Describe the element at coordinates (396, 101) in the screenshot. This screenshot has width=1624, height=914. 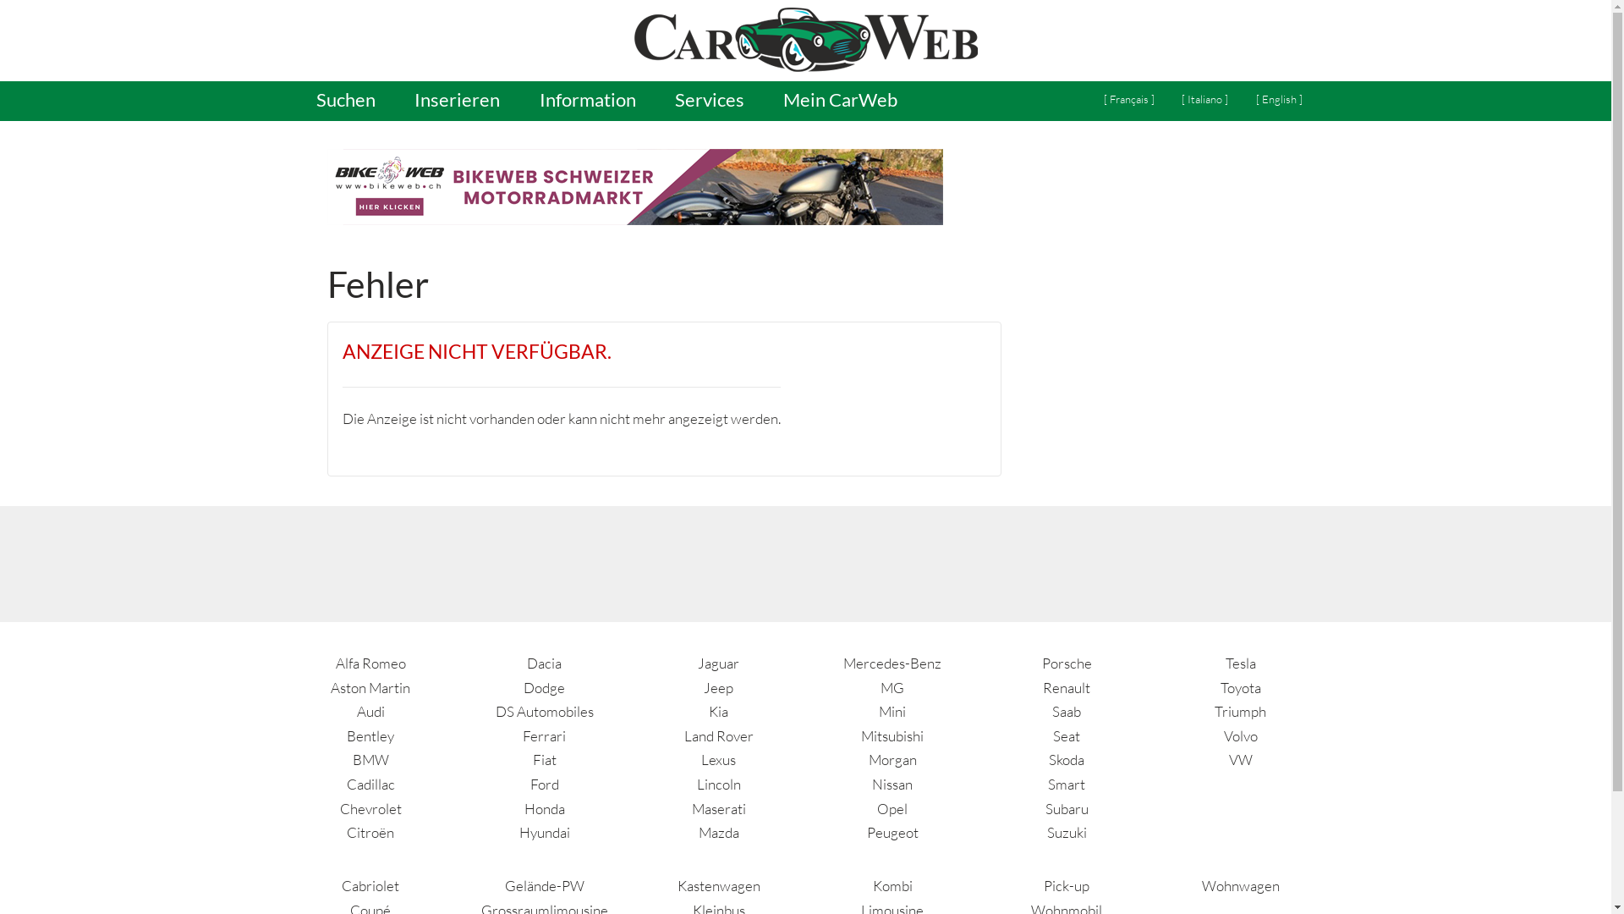
I see `'Inserieren'` at that location.